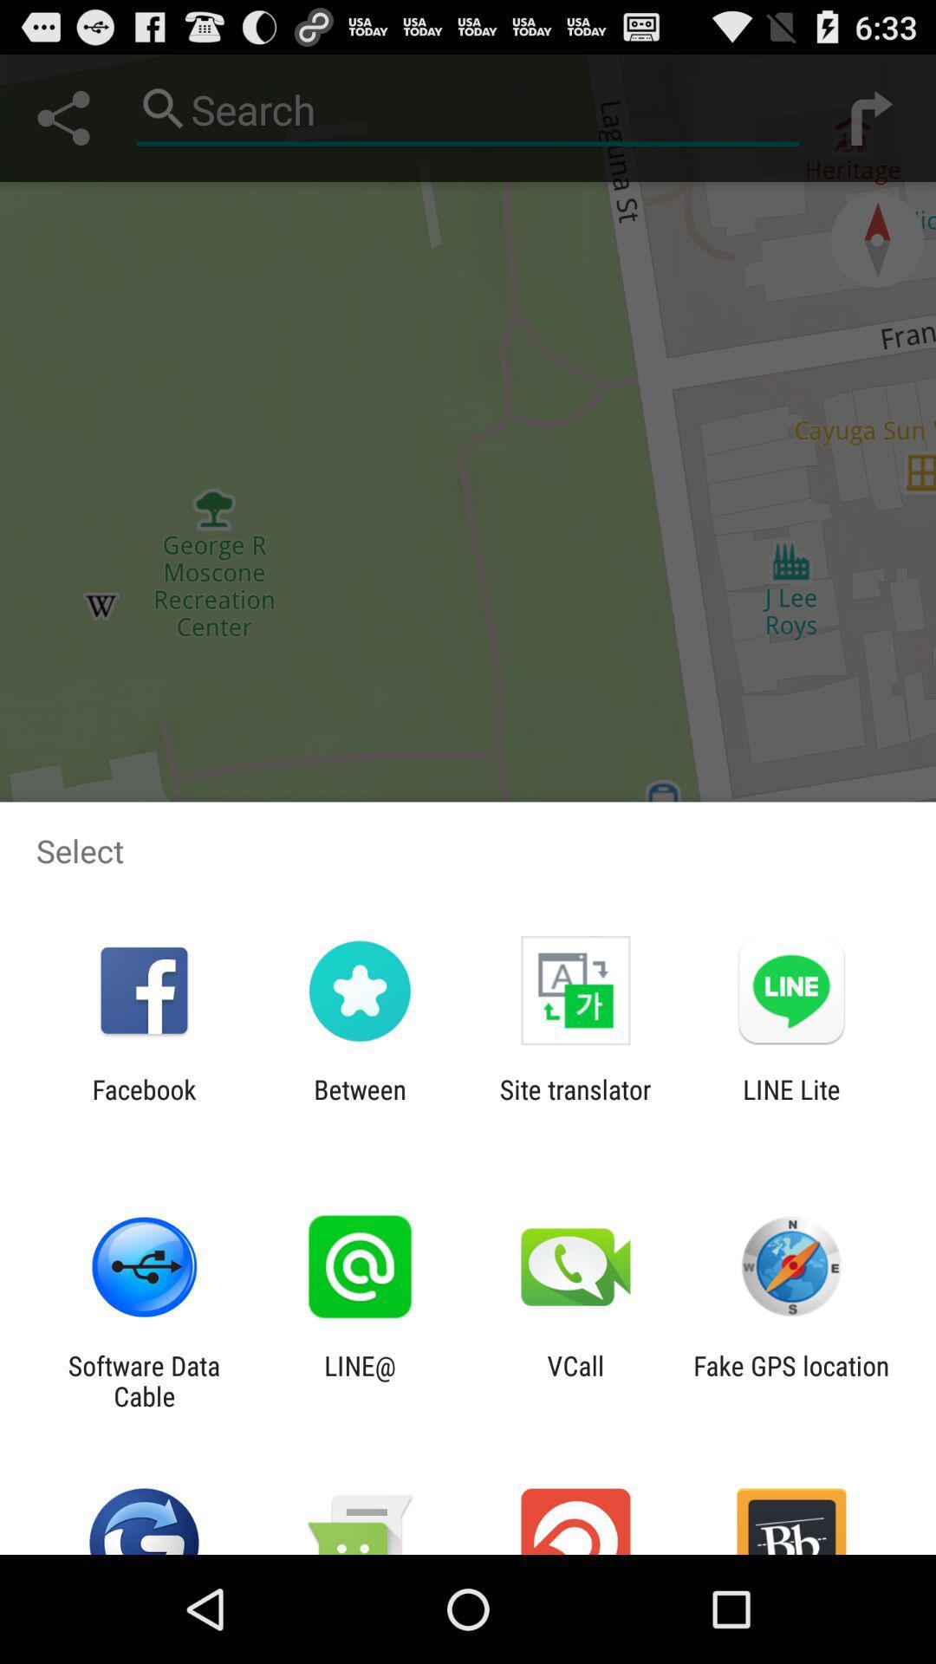  Describe the element at coordinates (791, 1380) in the screenshot. I see `the item to the right of vcall item` at that location.